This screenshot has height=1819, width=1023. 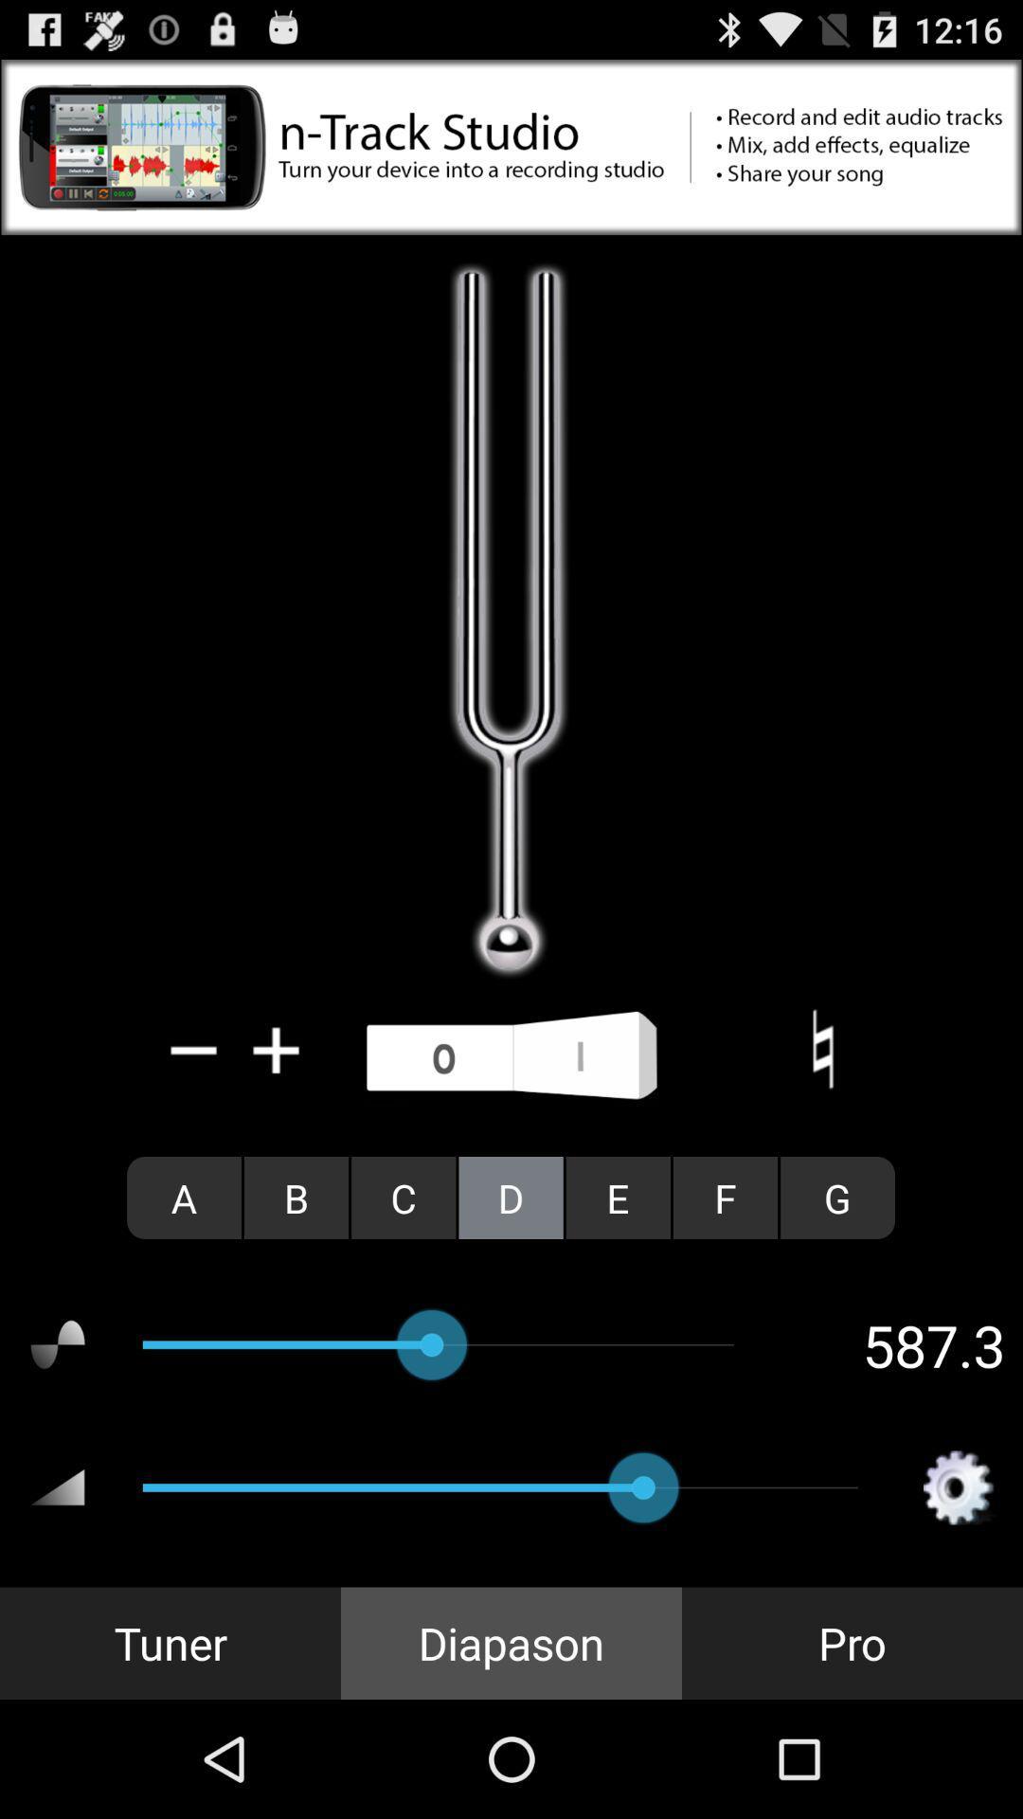 What do you see at coordinates (511, 1642) in the screenshot?
I see `the item next to the tuner` at bounding box center [511, 1642].